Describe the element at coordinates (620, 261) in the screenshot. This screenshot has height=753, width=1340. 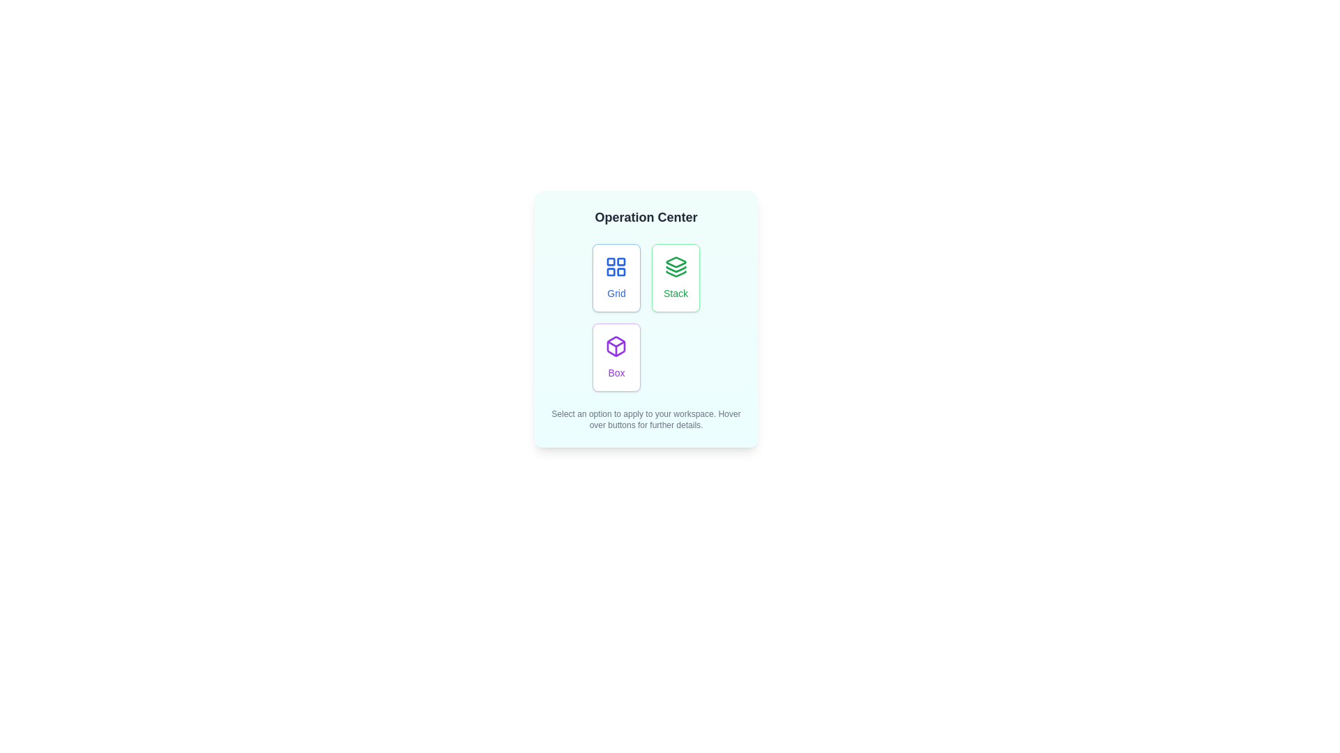
I see `the second cell in the top-right corner of the 2x2 grid icon within the SVG structure of the Operation Center interface` at that location.